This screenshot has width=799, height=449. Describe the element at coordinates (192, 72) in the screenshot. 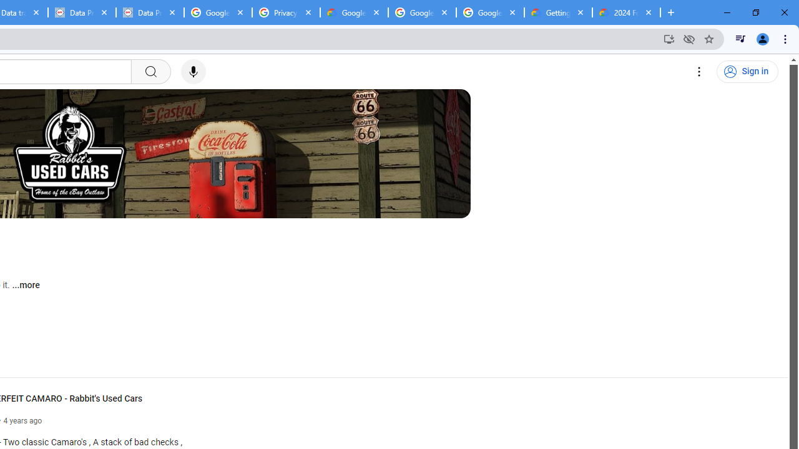

I see `'Search with your voice'` at that location.